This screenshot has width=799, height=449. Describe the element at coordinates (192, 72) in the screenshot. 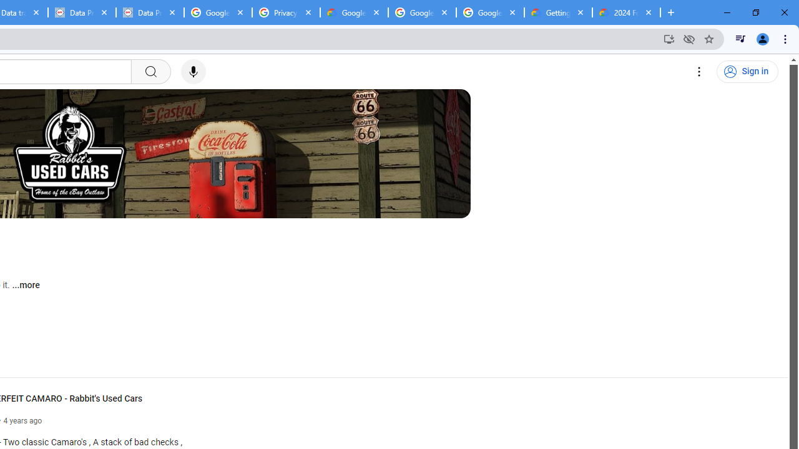

I see `'Search with your voice'` at that location.